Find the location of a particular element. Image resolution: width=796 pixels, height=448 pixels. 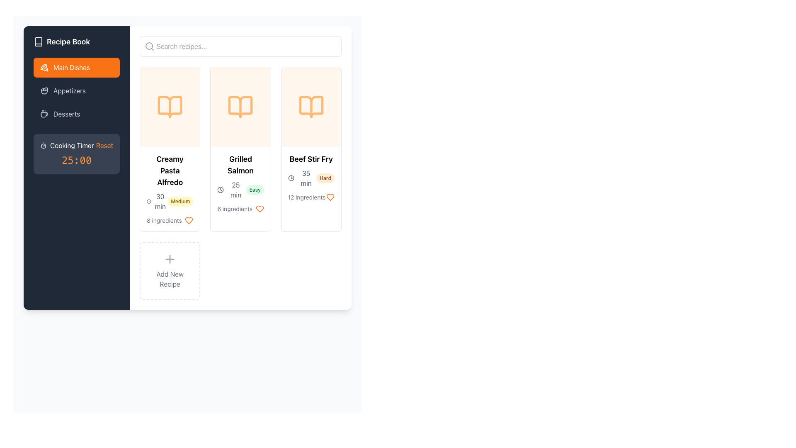

the clock icon preceding the text '35 min' in the details of the 'Beef Stir Fry' recipe is located at coordinates (291, 178).